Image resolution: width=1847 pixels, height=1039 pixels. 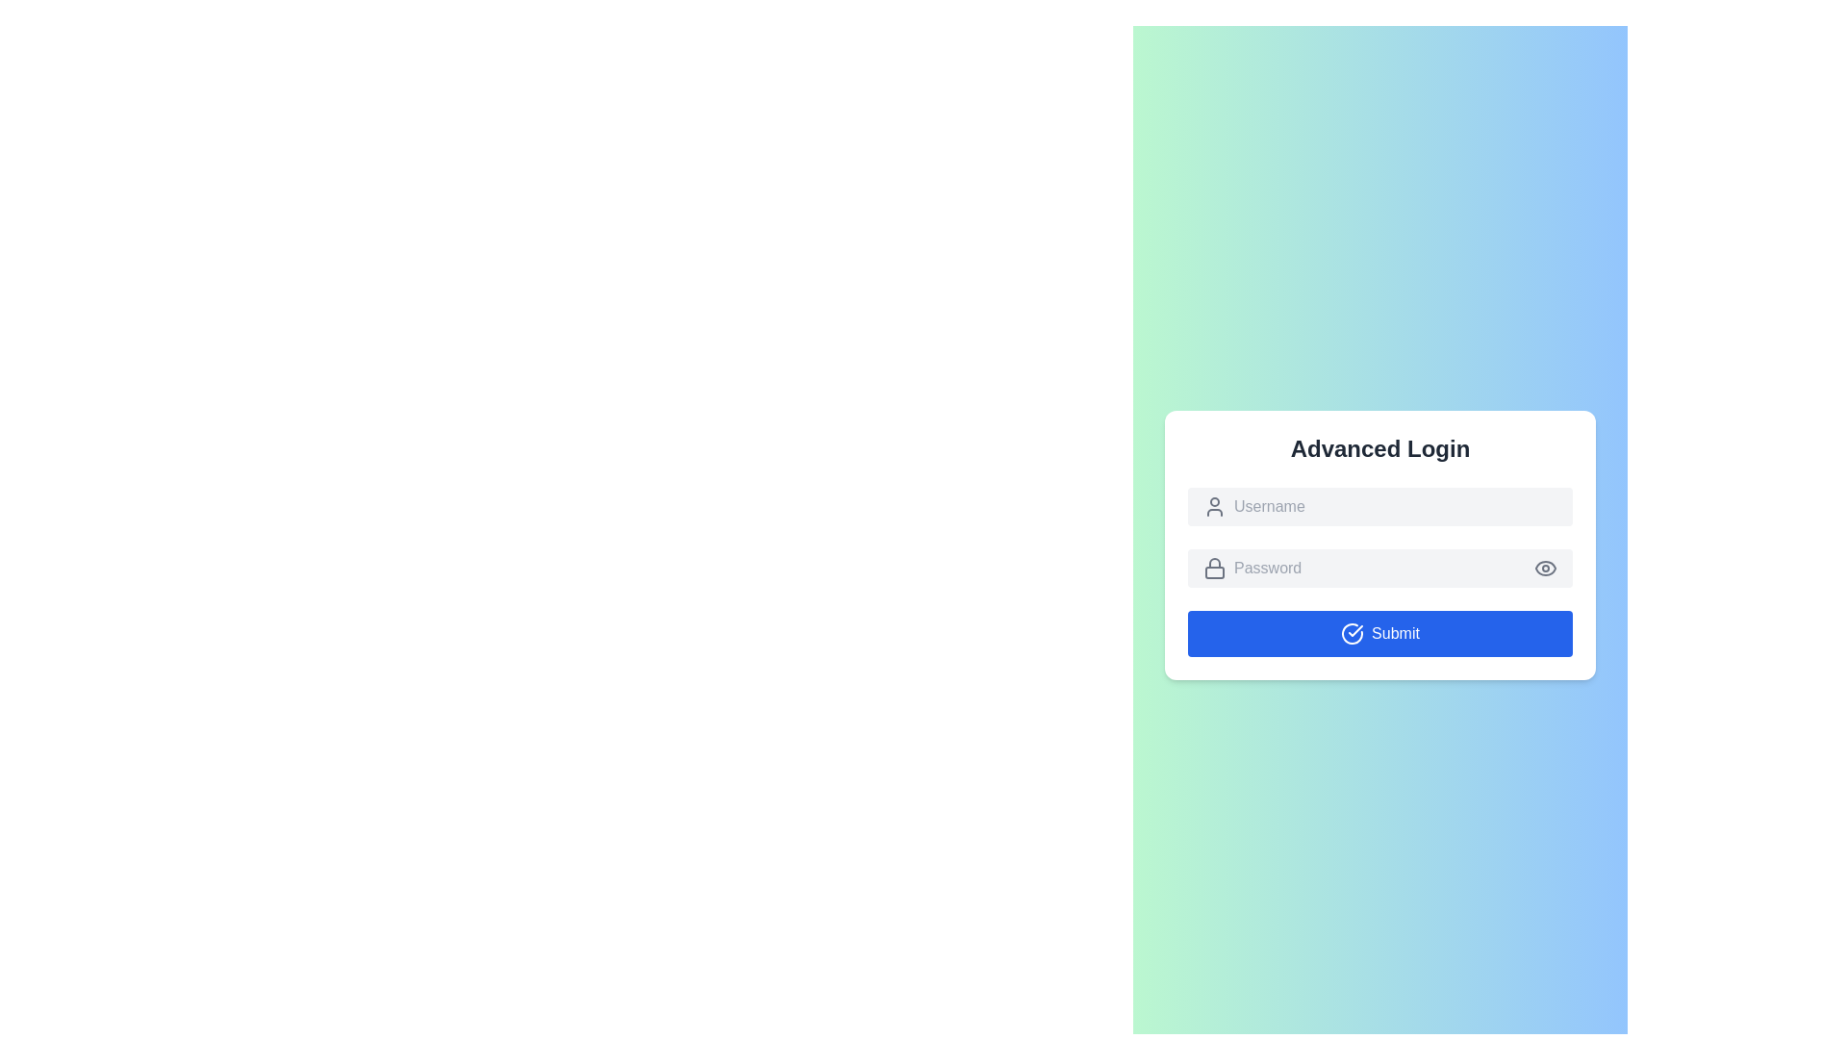 What do you see at coordinates (1213, 567) in the screenshot?
I see `the lock icon located on the left side of the password input field within the login form, which indicates that the corresponding input field is for entering a password` at bounding box center [1213, 567].